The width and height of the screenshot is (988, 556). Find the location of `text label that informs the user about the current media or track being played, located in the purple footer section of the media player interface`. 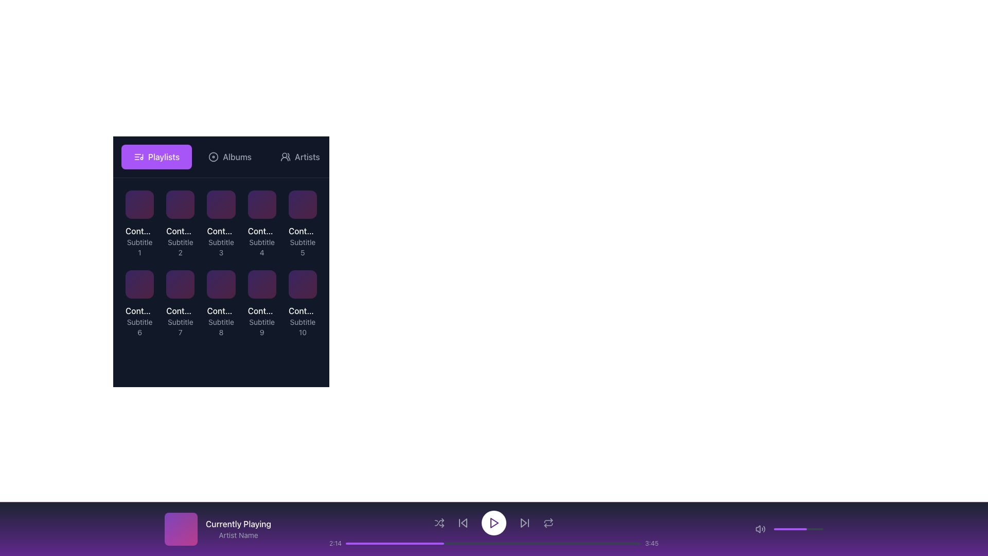

text label that informs the user about the current media or track being played, located in the purple footer section of the media player interface is located at coordinates (238, 524).